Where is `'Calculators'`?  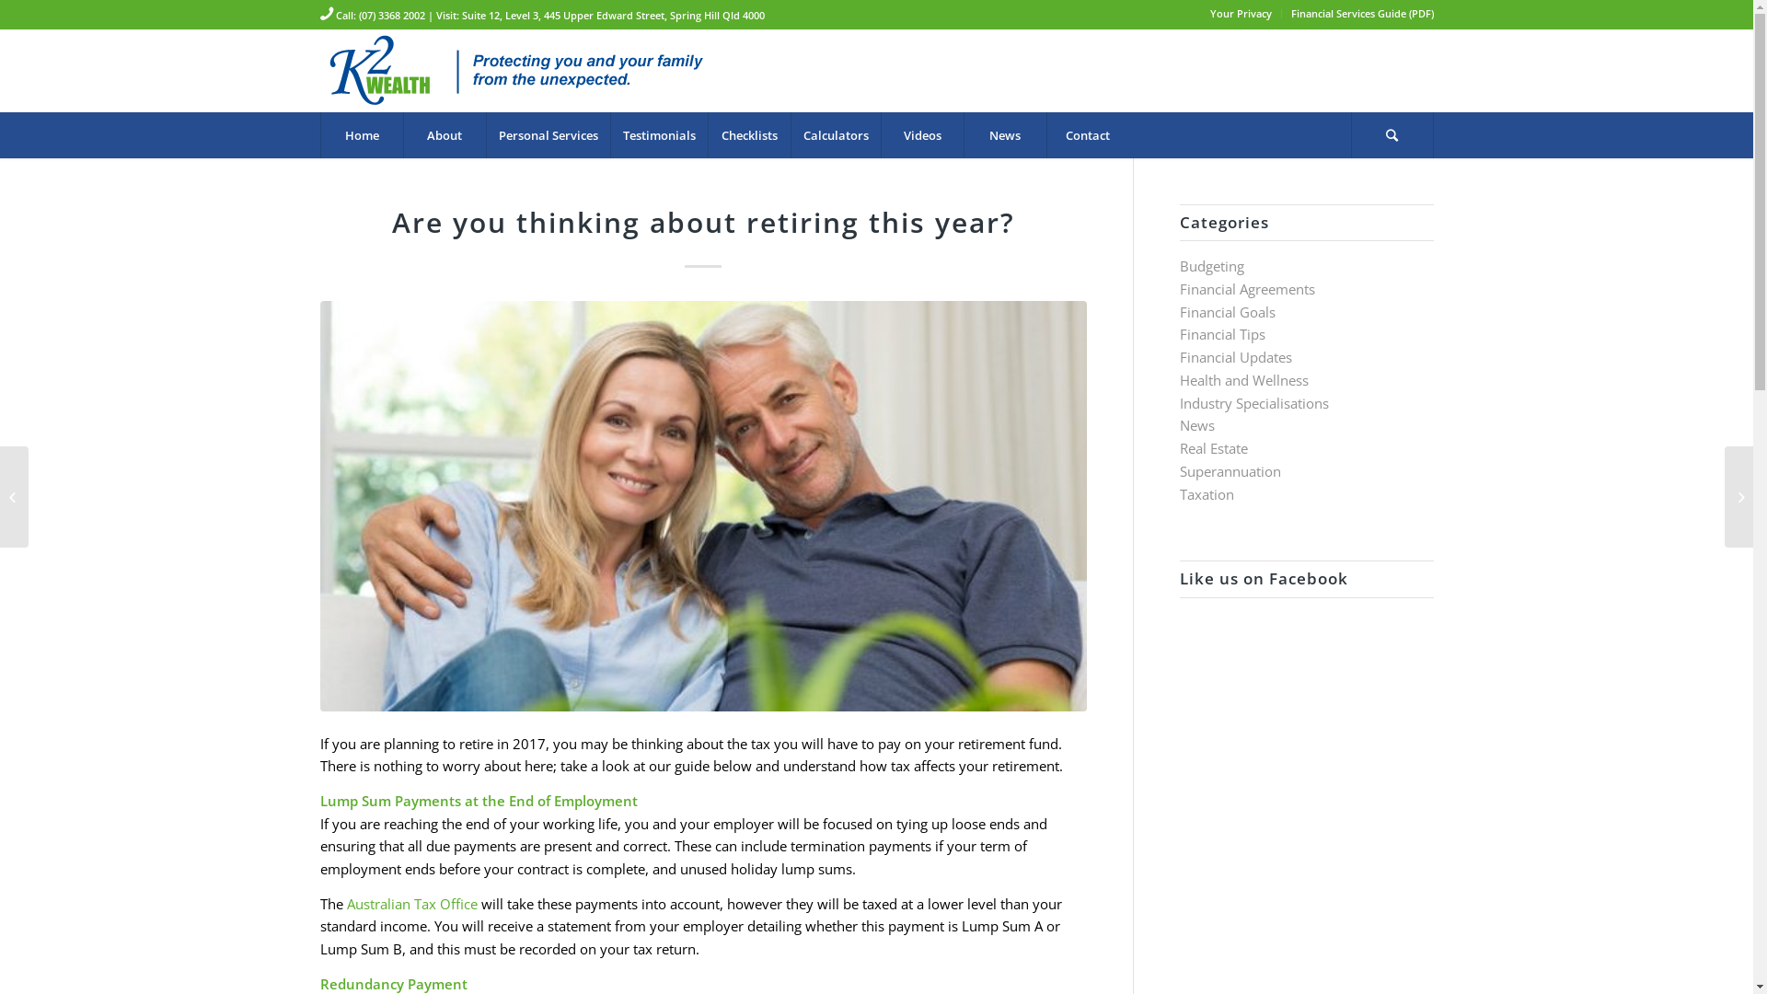 'Calculators' is located at coordinates (790, 133).